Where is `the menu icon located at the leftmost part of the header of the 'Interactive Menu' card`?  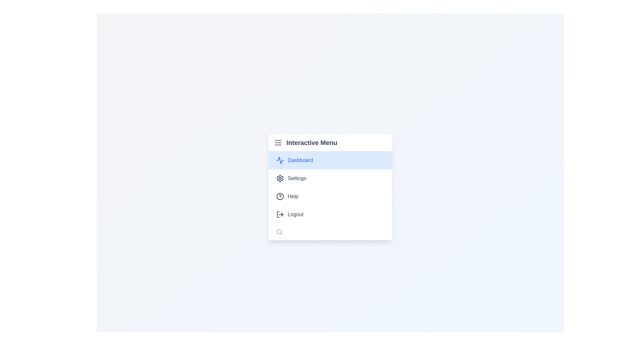 the menu icon located at the leftmost part of the header of the 'Interactive Menu' card is located at coordinates (278, 142).